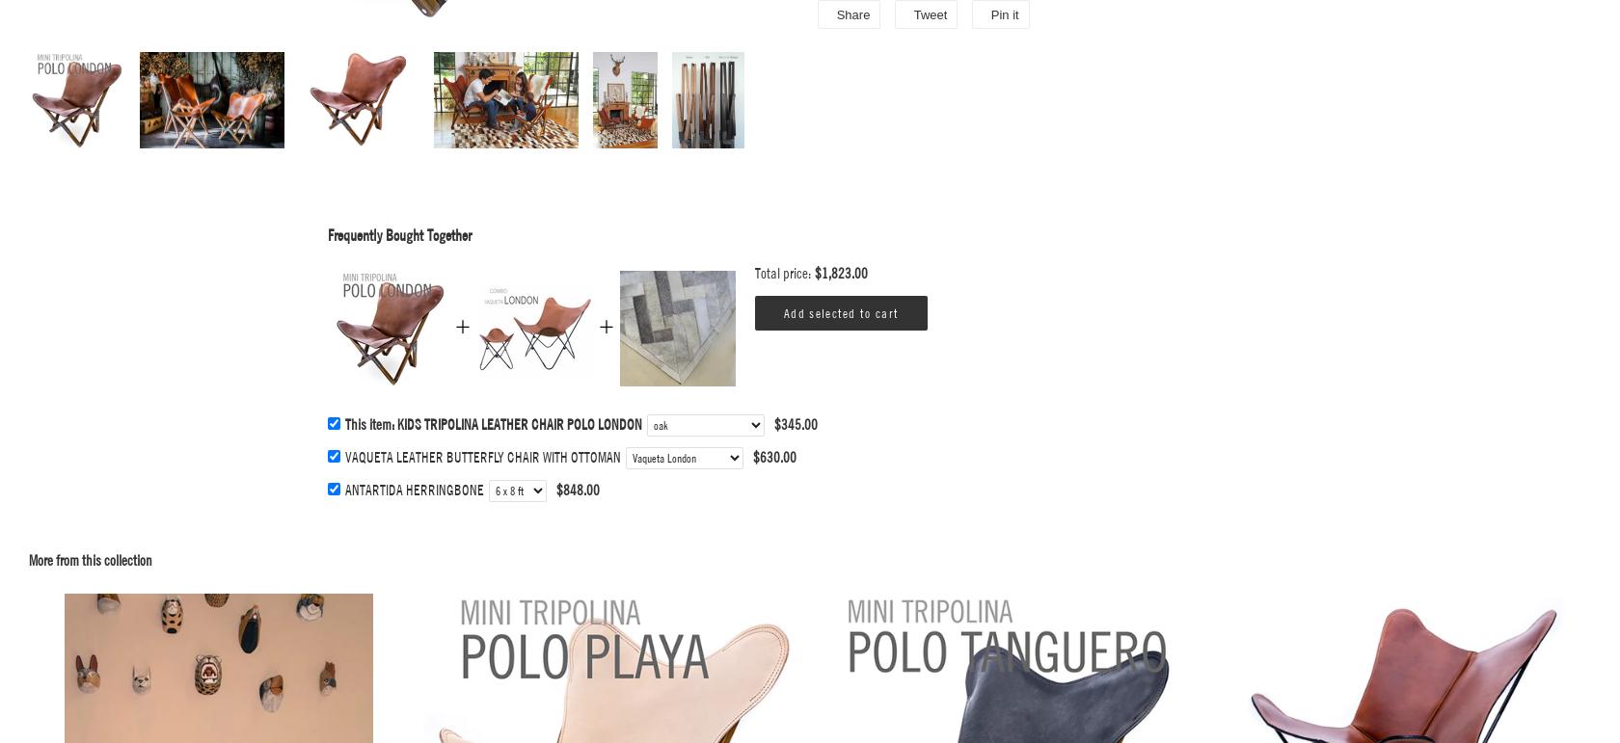 This screenshot has width=1620, height=743. Describe the element at coordinates (773, 455) in the screenshot. I see `'$630.00'` at that location.